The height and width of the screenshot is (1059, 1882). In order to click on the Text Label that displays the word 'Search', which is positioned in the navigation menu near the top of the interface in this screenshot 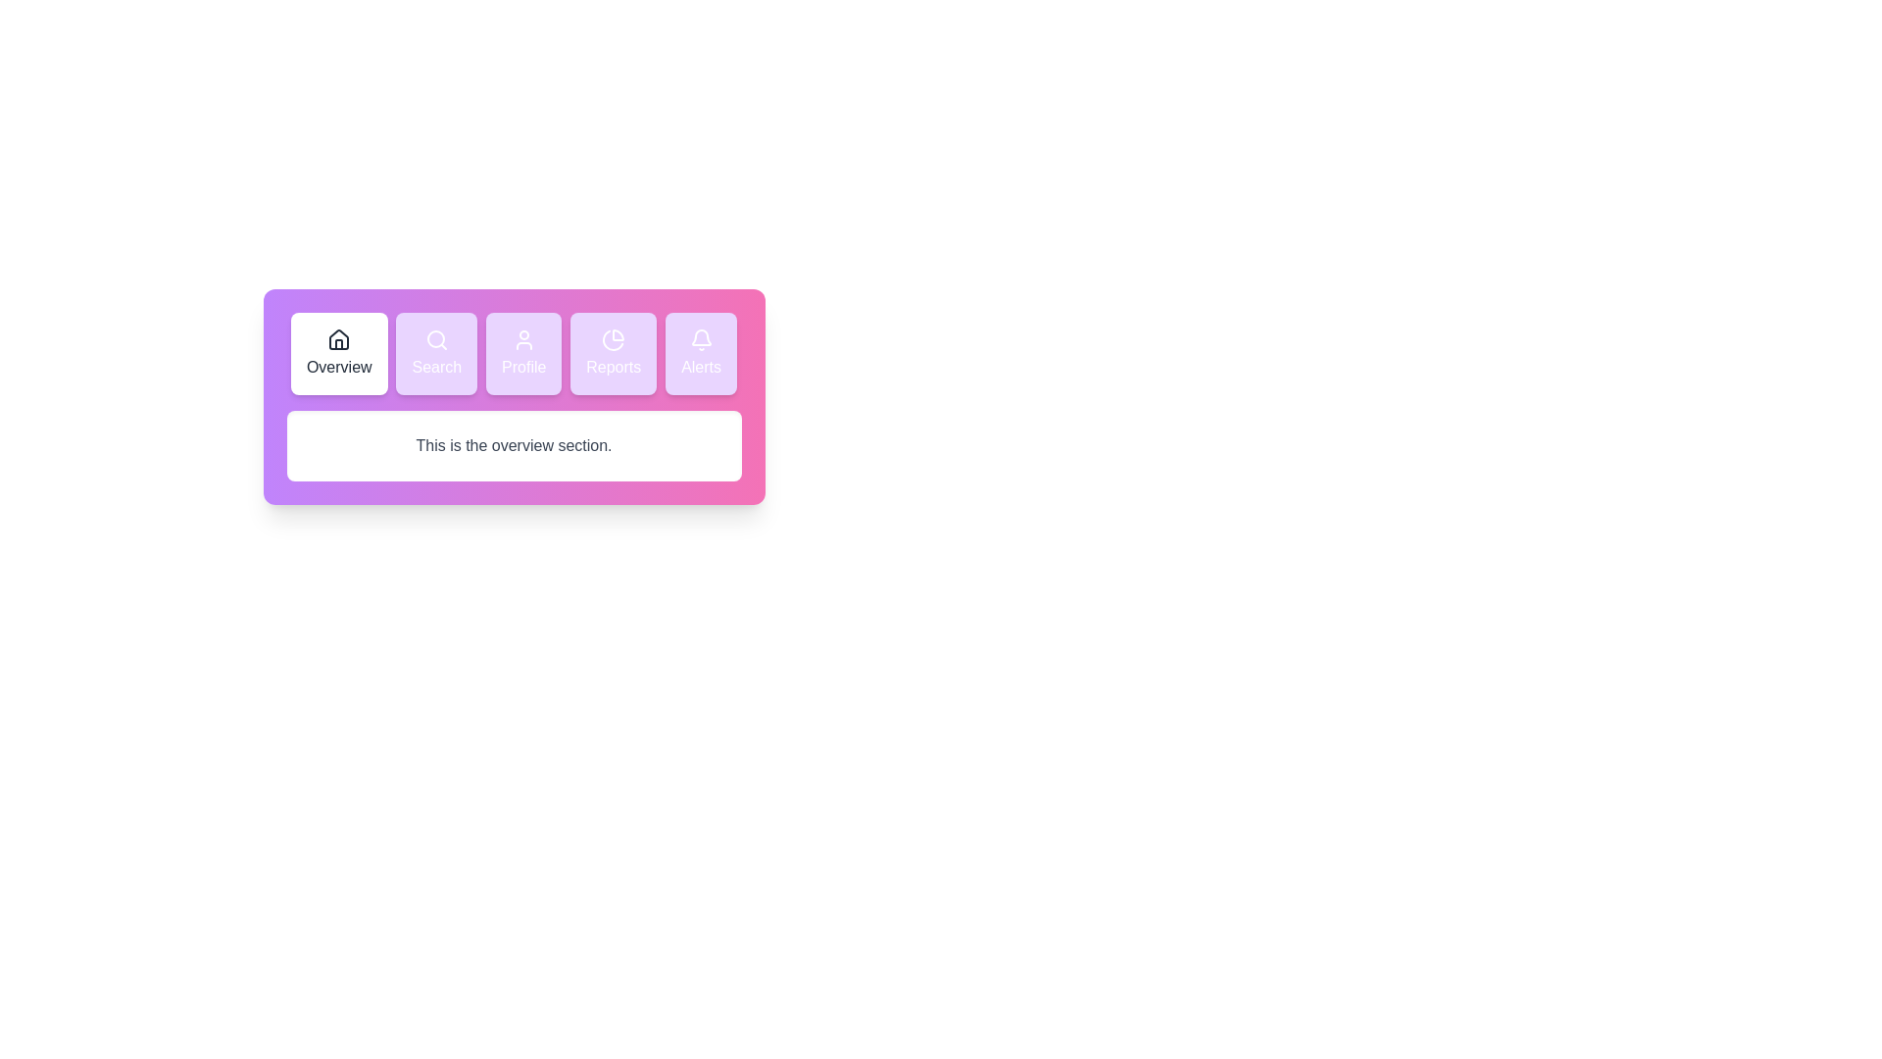, I will do `click(435, 367)`.